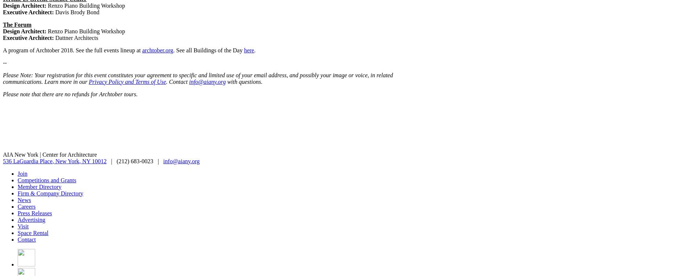 This screenshot has width=679, height=276. What do you see at coordinates (17, 239) in the screenshot?
I see `'Contact'` at bounding box center [17, 239].